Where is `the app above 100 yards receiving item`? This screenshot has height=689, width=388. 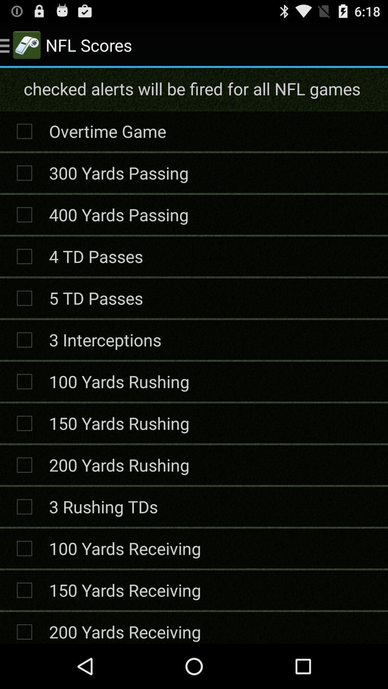 the app above 100 yards receiving item is located at coordinates (103, 506).